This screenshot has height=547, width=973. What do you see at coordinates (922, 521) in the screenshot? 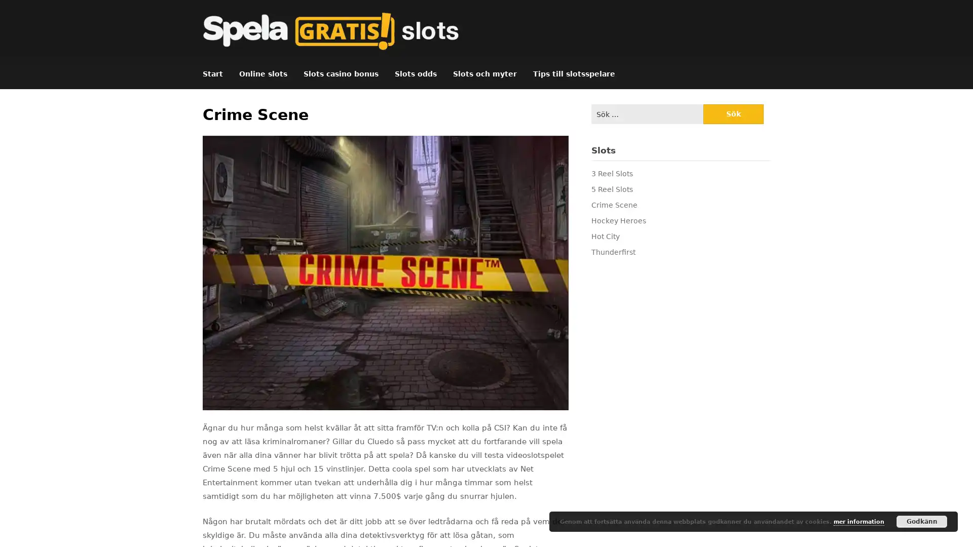
I see `Godkann` at bounding box center [922, 521].